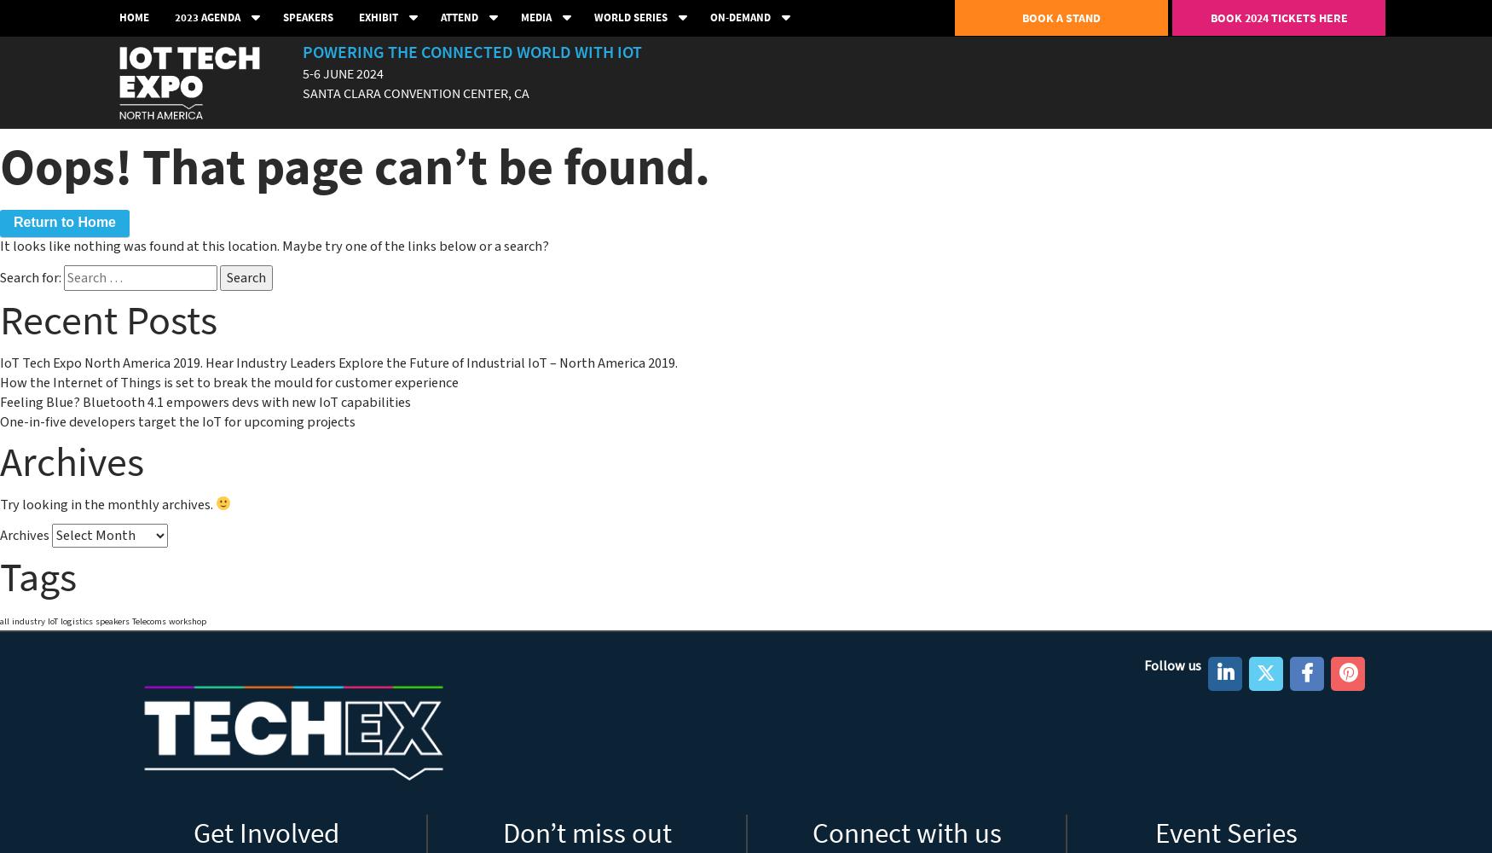 This screenshot has height=853, width=1492. What do you see at coordinates (3, 619) in the screenshot?
I see `'all'` at bounding box center [3, 619].